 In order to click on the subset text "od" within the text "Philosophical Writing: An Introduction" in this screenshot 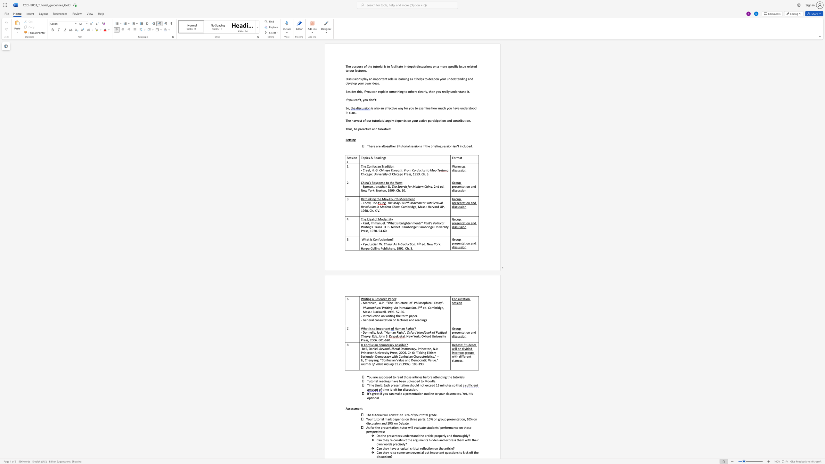, I will do `click(403, 307)`.